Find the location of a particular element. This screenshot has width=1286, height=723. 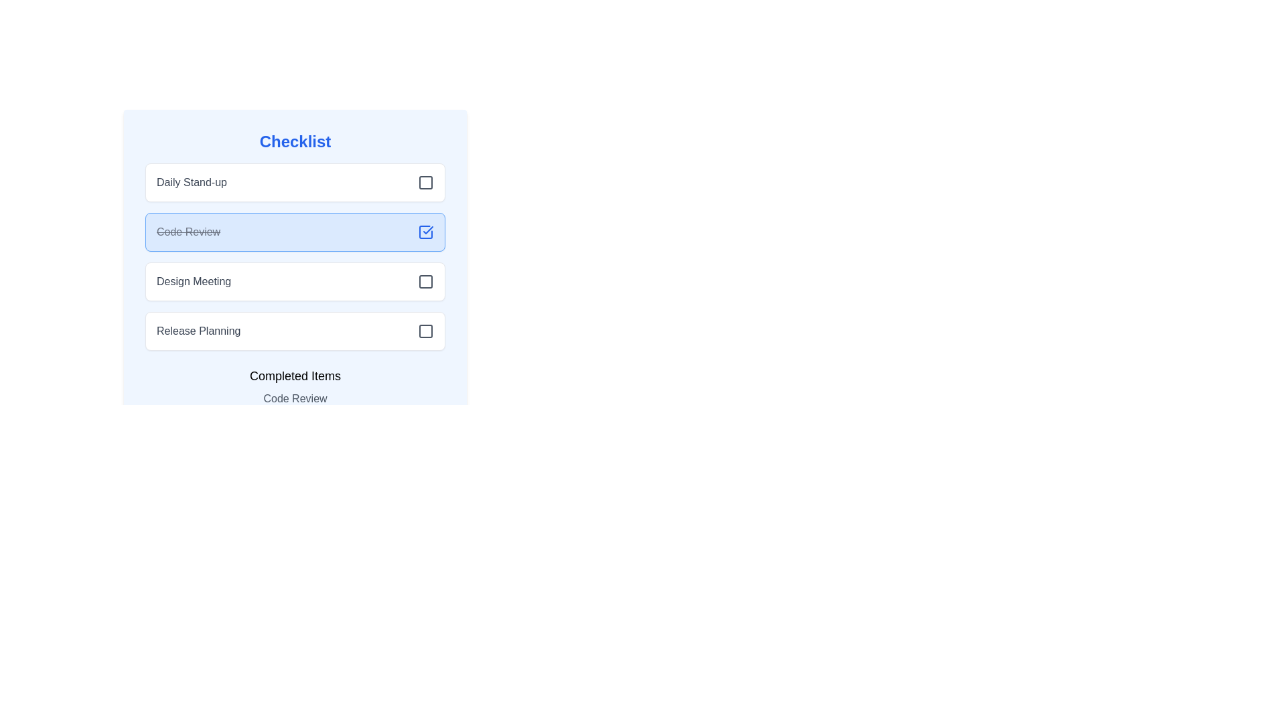

the 'Design Meeting' checkbox list item in the 'Checklist' panel is located at coordinates (295, 280).